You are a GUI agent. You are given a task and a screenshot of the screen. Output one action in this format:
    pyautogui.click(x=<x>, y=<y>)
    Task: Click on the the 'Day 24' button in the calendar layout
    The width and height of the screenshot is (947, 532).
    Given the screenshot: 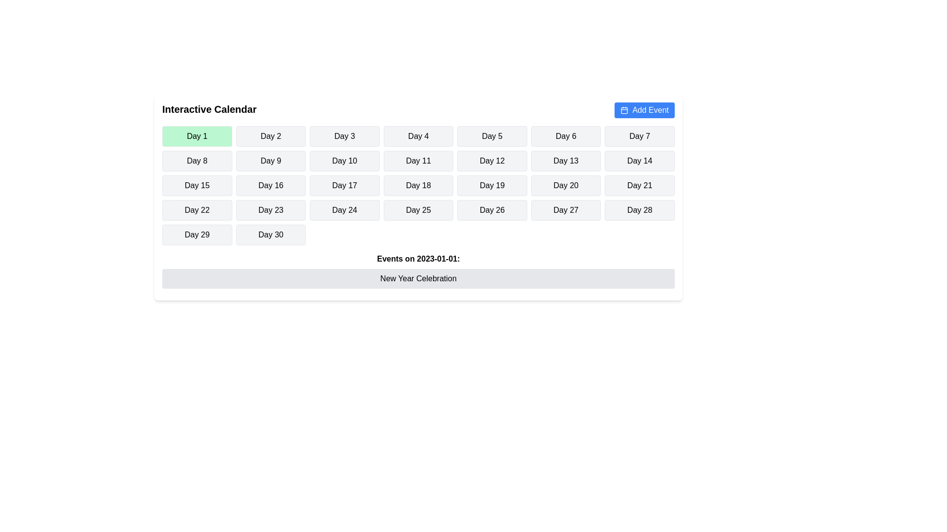 What is the action you would take?
    pyautogui.click(x=344, y=210)
    